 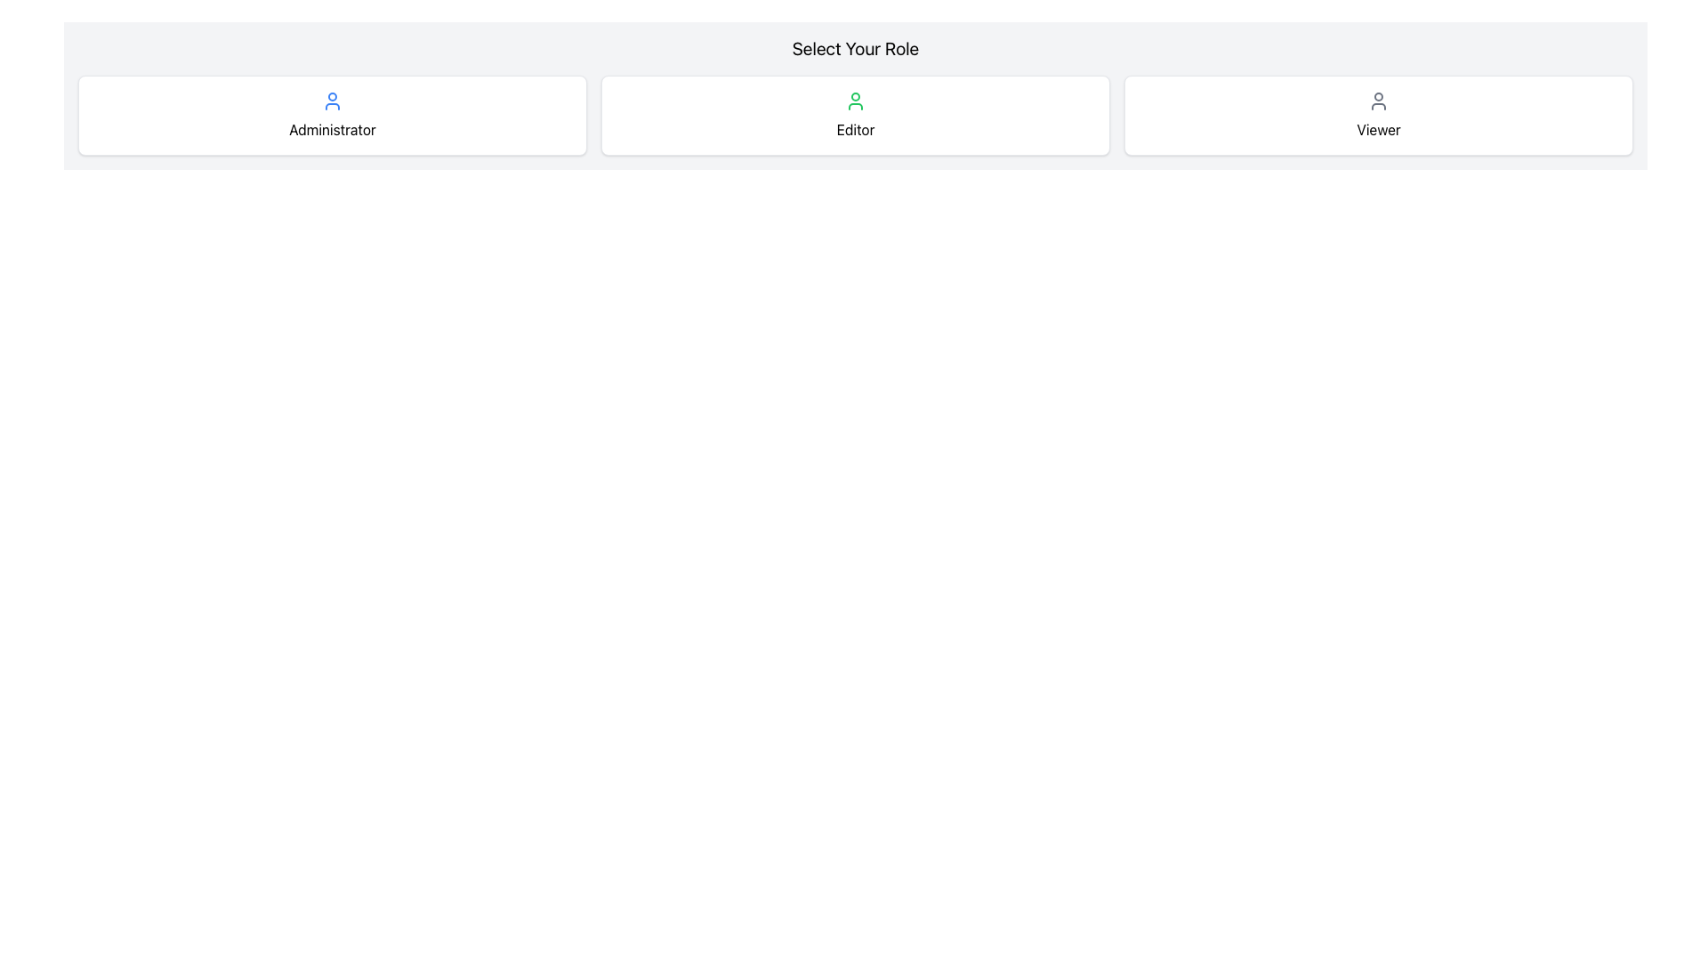 I want to click on the 'Viewer' text label, so click(x=1378, y=129).